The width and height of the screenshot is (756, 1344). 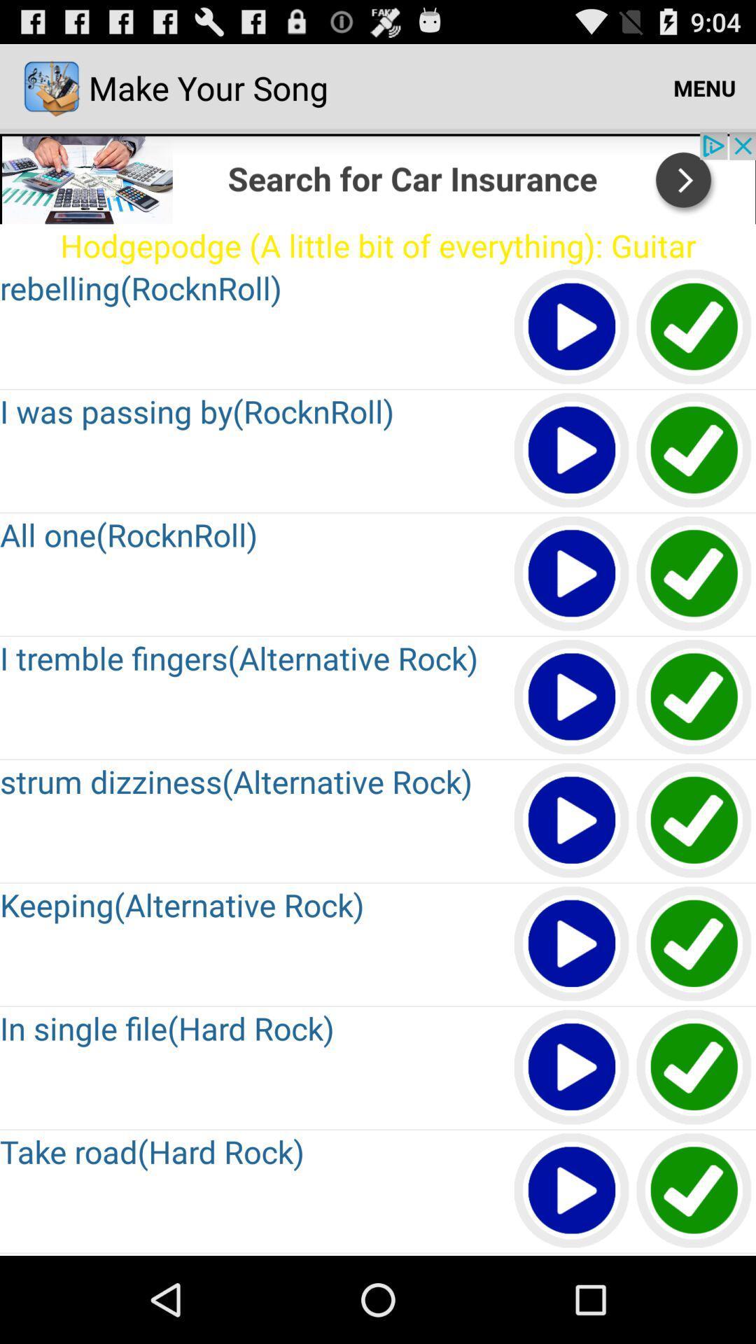 What do you see at coordinates (694, 1191) in the screenshot?
I see `download option` at bounding box center [694, 1191].